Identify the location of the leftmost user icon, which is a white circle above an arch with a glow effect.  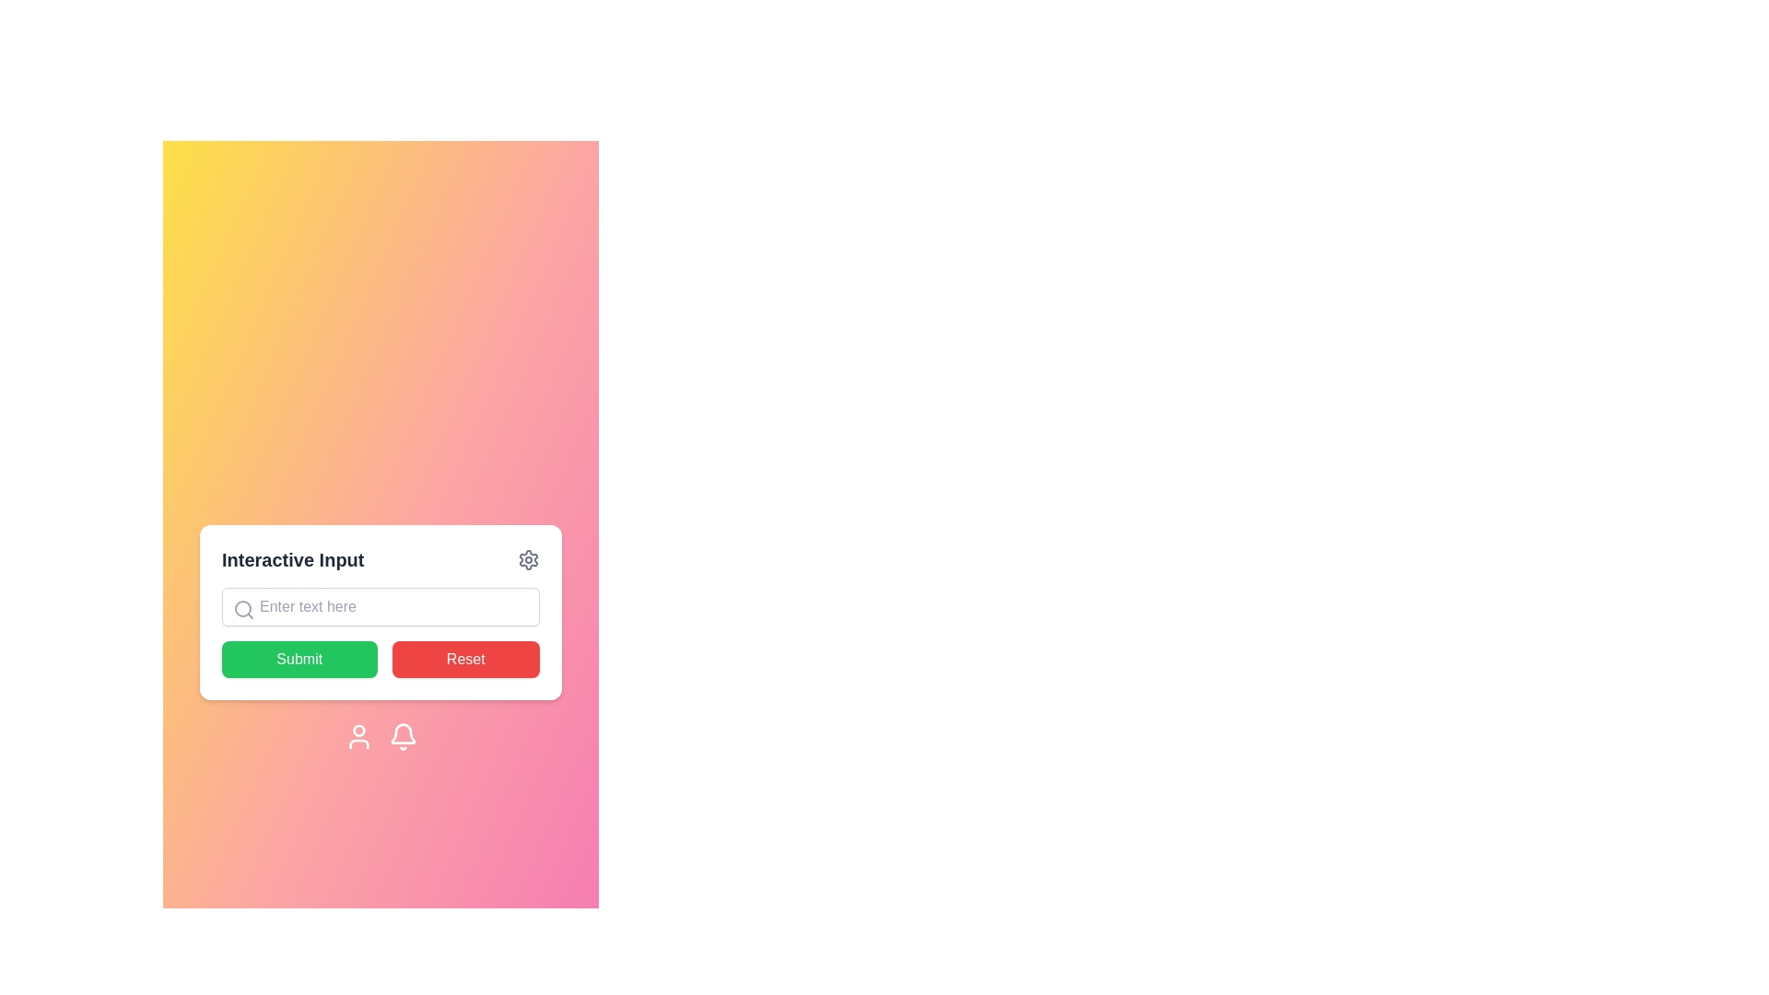
(358, 735).